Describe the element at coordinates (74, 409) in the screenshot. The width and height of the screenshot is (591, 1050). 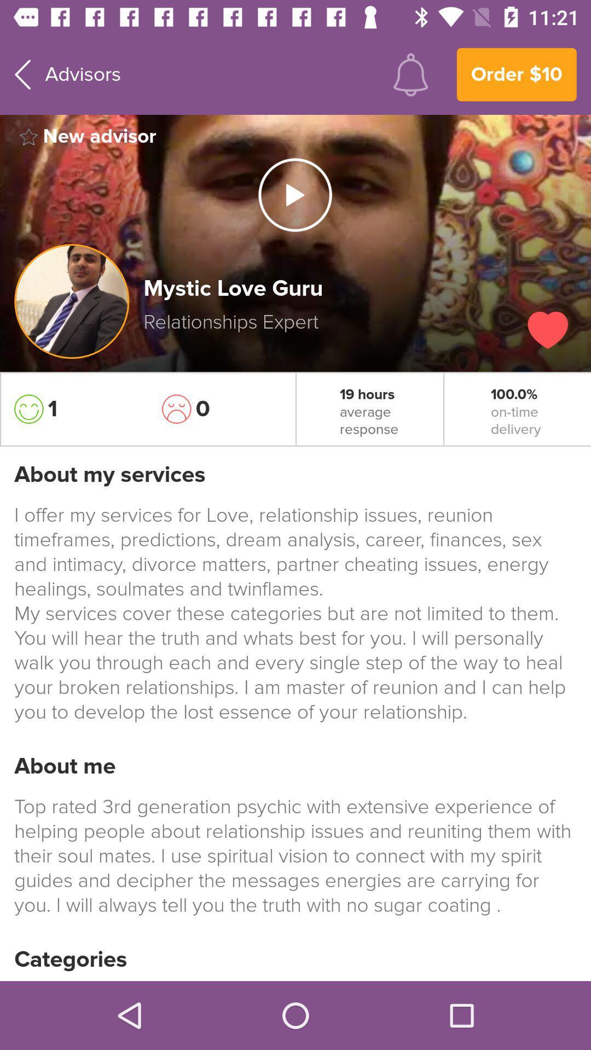
I see `the icon above the about my services` at that location.